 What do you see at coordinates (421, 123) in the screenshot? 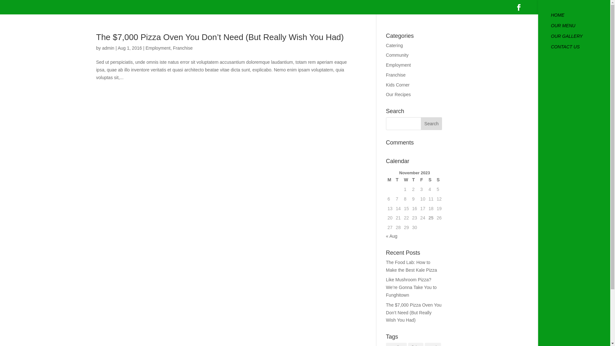
I see `'Search'` at bounding box center [421, 123].